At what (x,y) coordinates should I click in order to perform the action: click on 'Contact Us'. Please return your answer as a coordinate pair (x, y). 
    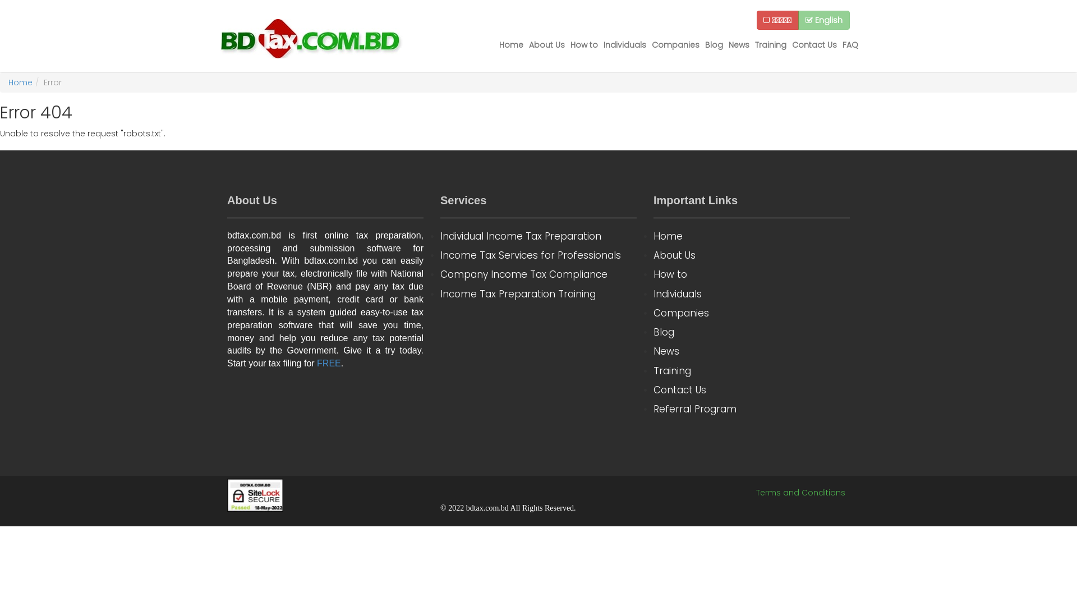
    Looking at the image, I should click on (751, 389).